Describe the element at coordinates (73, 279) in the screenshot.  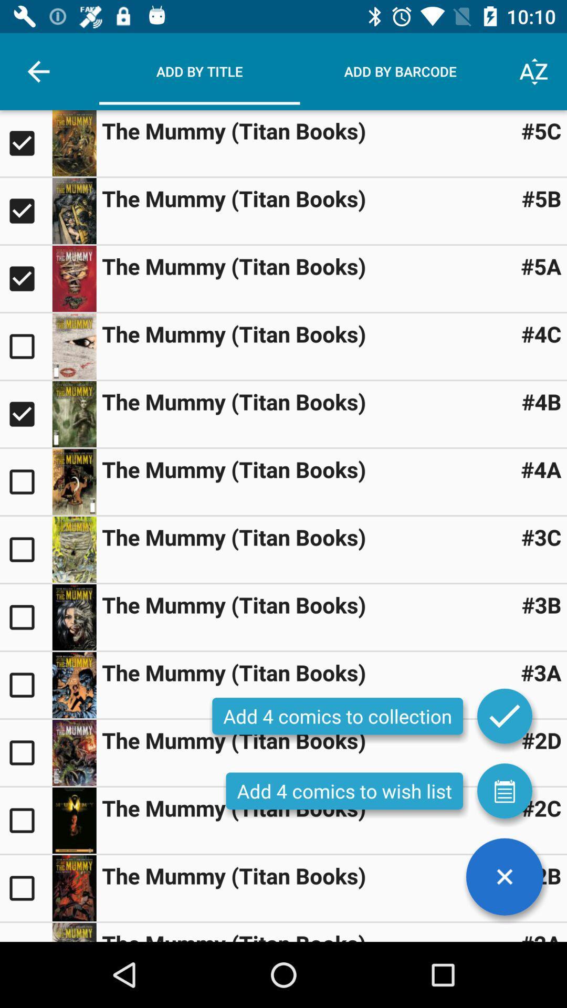
I see `pic this` at that location.